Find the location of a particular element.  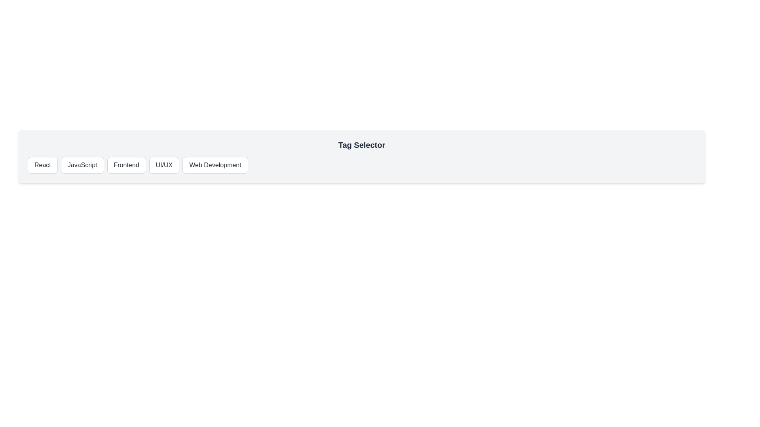

the Web Development button to observe the hover effect is located at coordinates (215, 164).